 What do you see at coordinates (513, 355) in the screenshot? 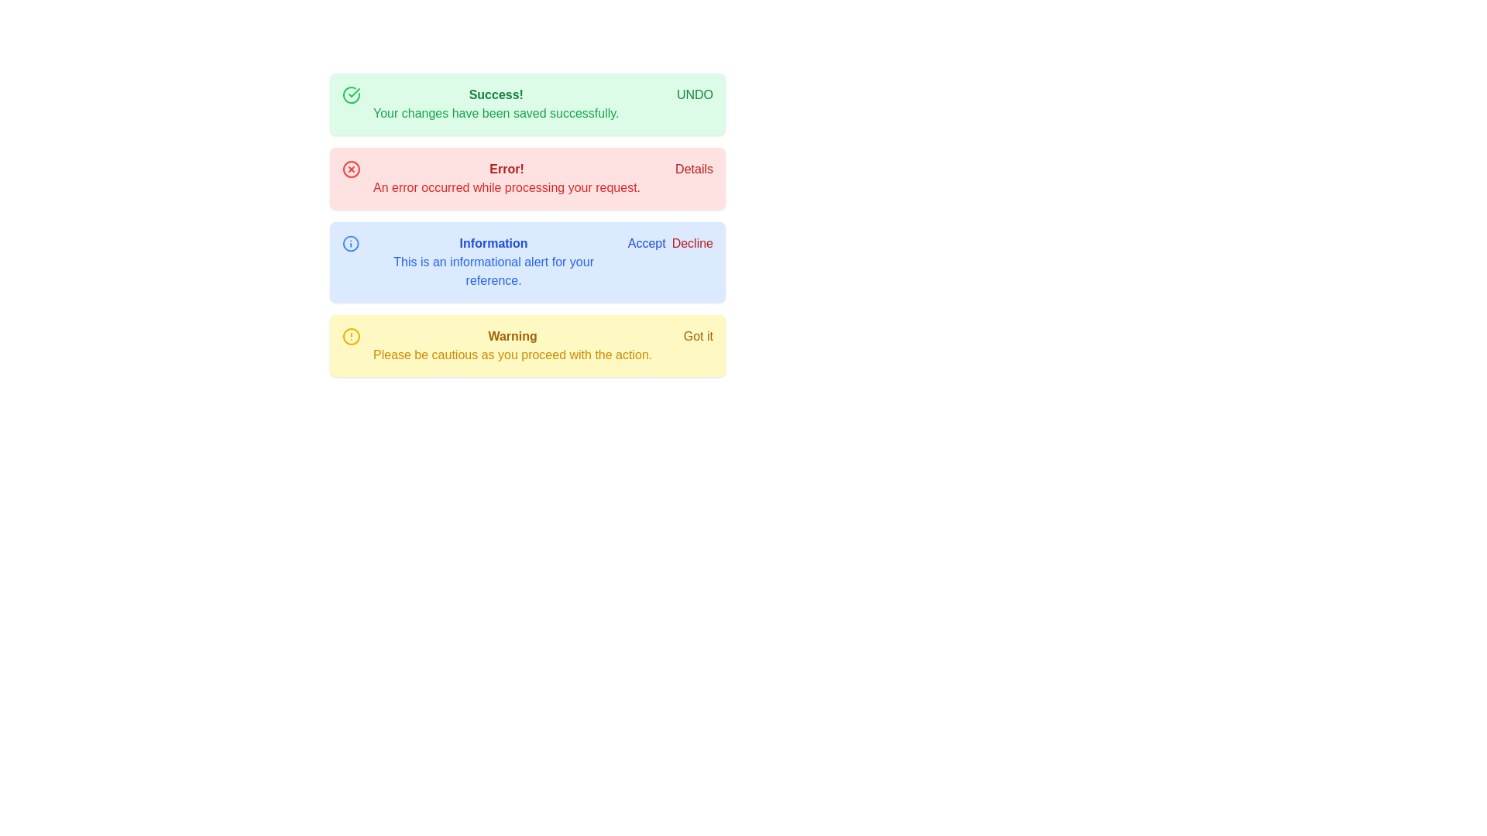
I see `warning message that is styled with bold yellow text, stating 'Please be cautious as you proceed with the action.' This message is located centrally within the yellow-highlighted 'Warning' alert box, below the bold 'Warning' title` at bounding box center [513, 355].